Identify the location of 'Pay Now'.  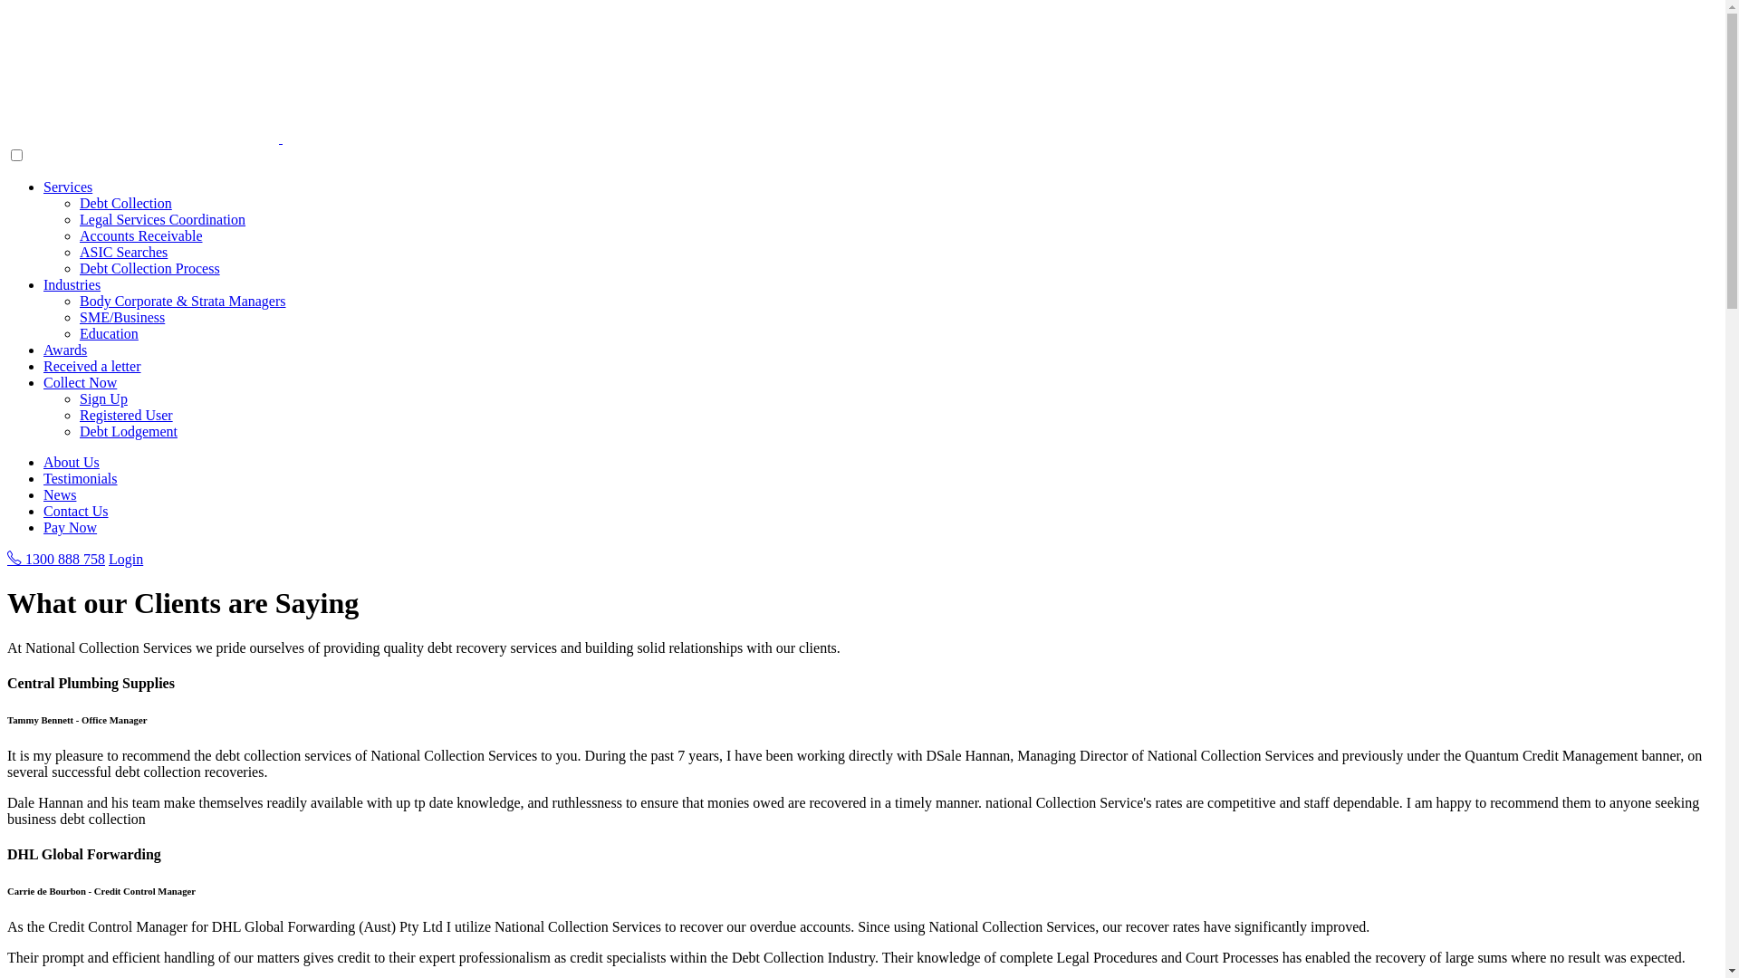
(70, 527).